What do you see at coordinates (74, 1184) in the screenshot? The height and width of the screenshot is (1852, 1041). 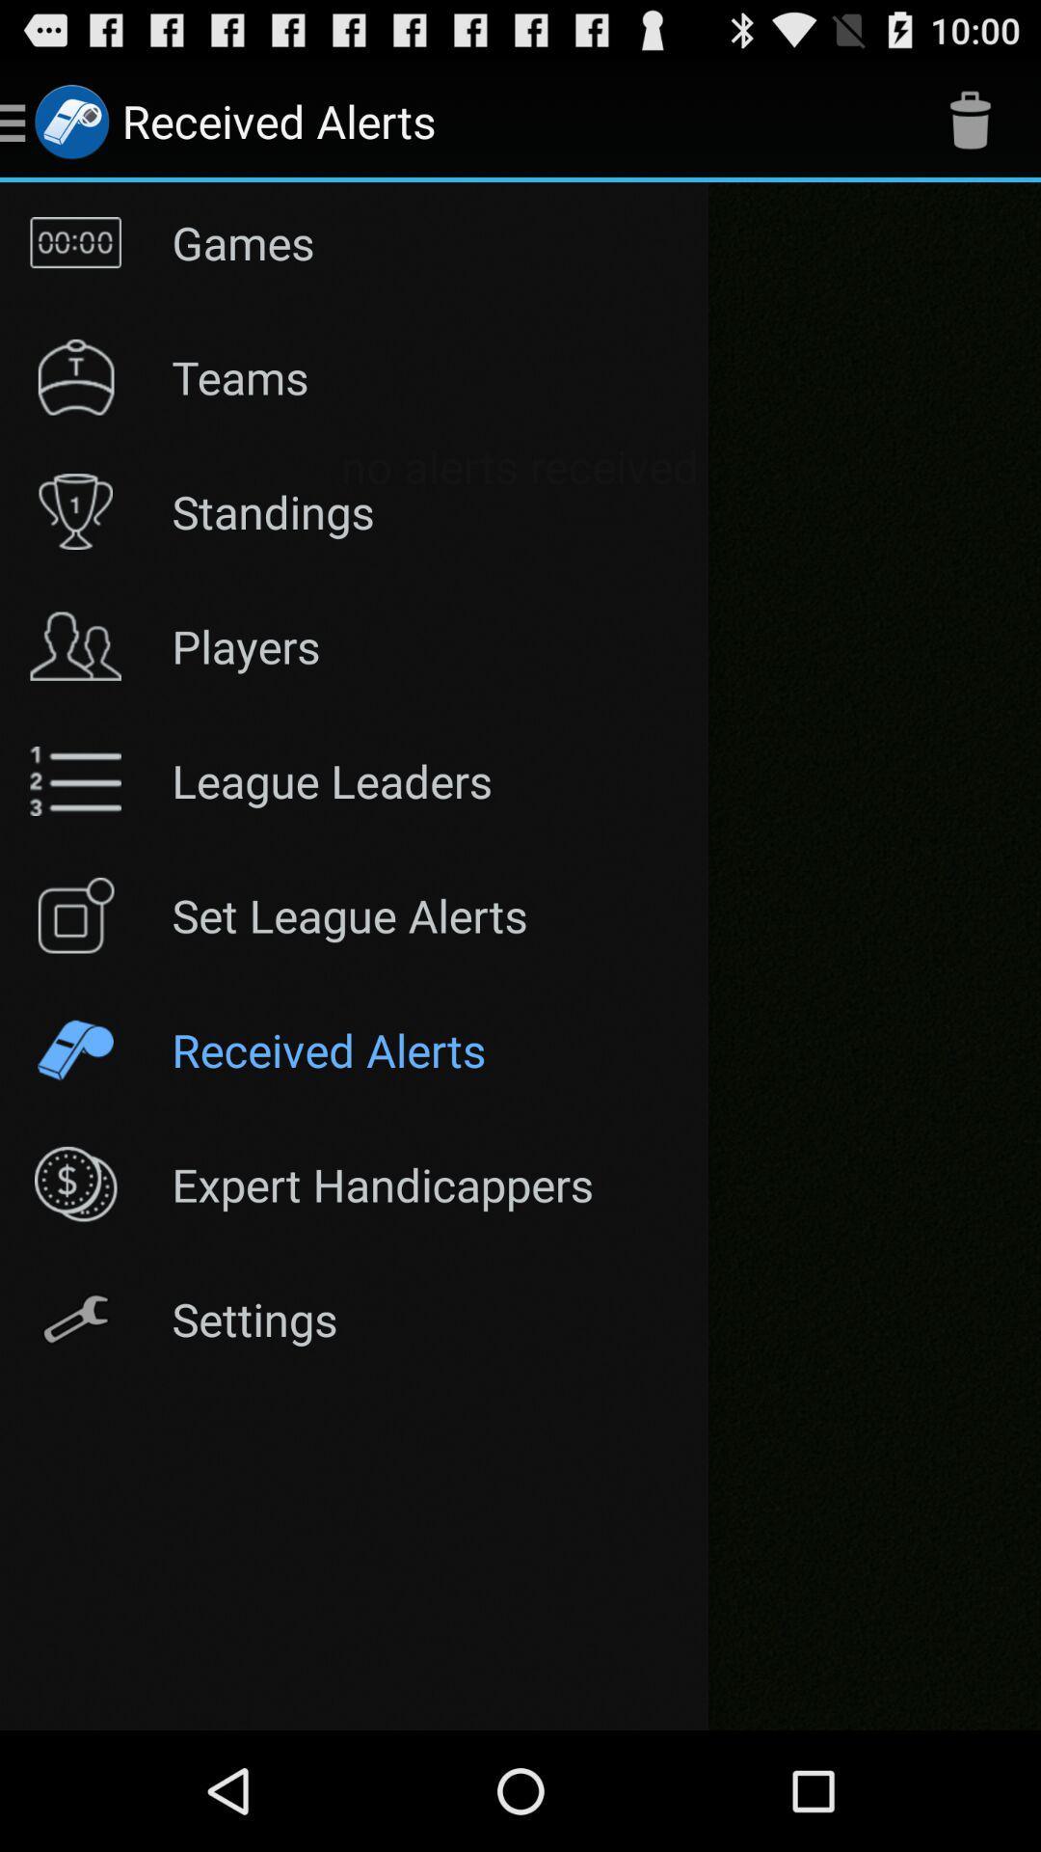 I see `the icon left to the expert handicappers` at bounding box center [74, 1184].